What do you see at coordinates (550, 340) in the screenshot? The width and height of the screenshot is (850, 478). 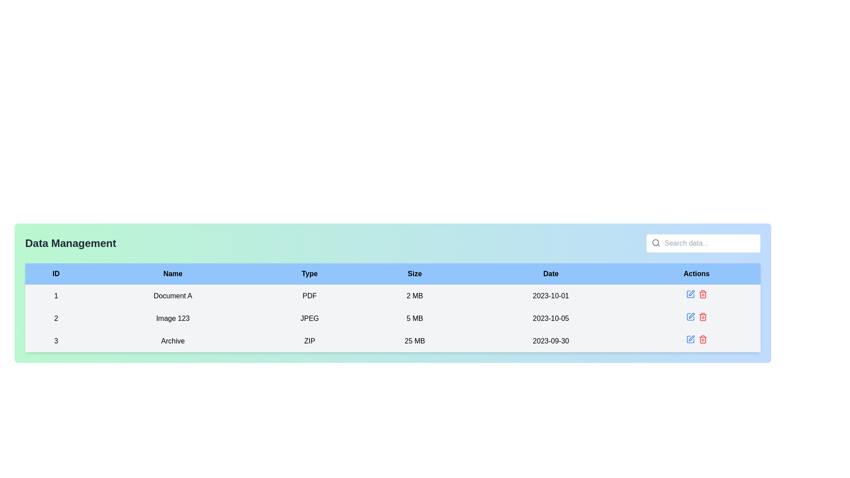 I see `the text display showing the date '2023-09-30' in the 'Date' column of the third row of the data table` at bounding box center [550, 340].